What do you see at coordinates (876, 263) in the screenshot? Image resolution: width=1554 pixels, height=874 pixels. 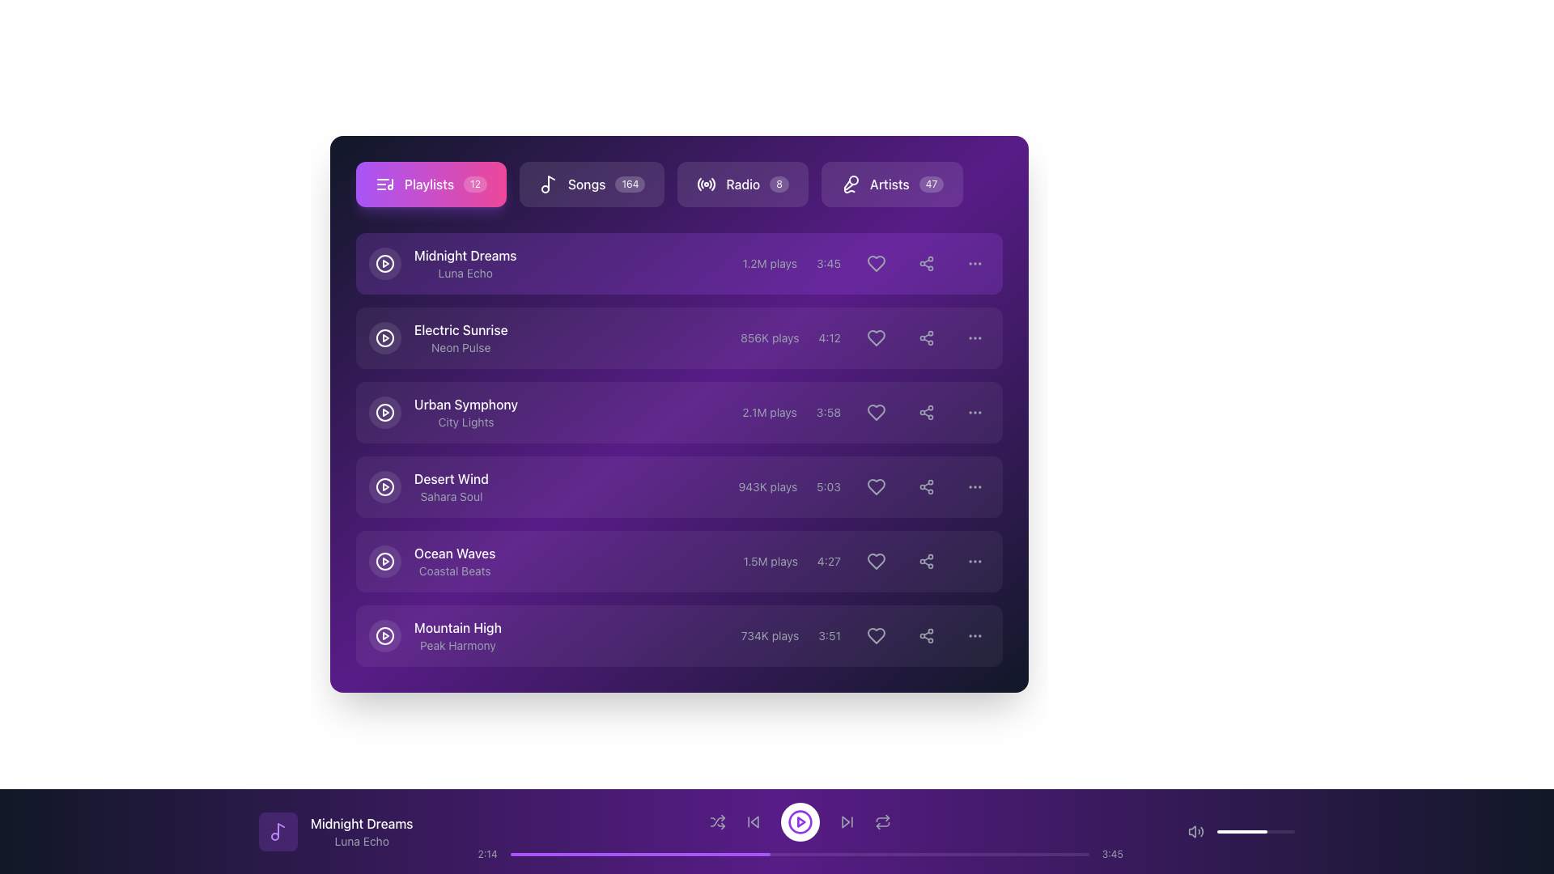 I see `the heart-shaped interactive icon located in the far-right section of the first row of the playlist items to possibly see a tooltip` at bounding box center [876, 263].